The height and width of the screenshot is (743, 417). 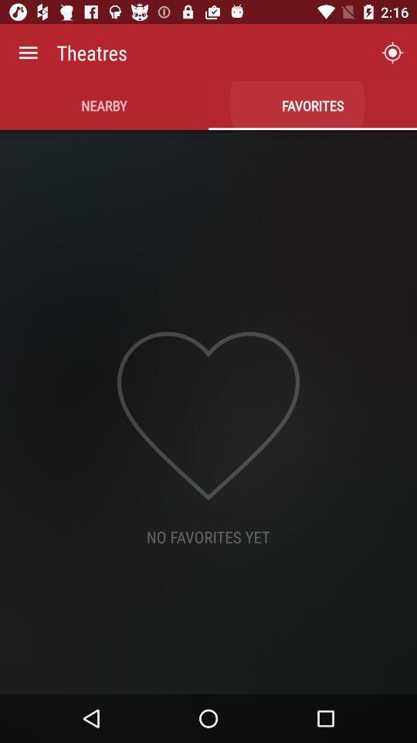 What do you see at coordinates (28, 53) in the screenshot?
I see `item next to the theatres icon` at bounding box center [28, 53].